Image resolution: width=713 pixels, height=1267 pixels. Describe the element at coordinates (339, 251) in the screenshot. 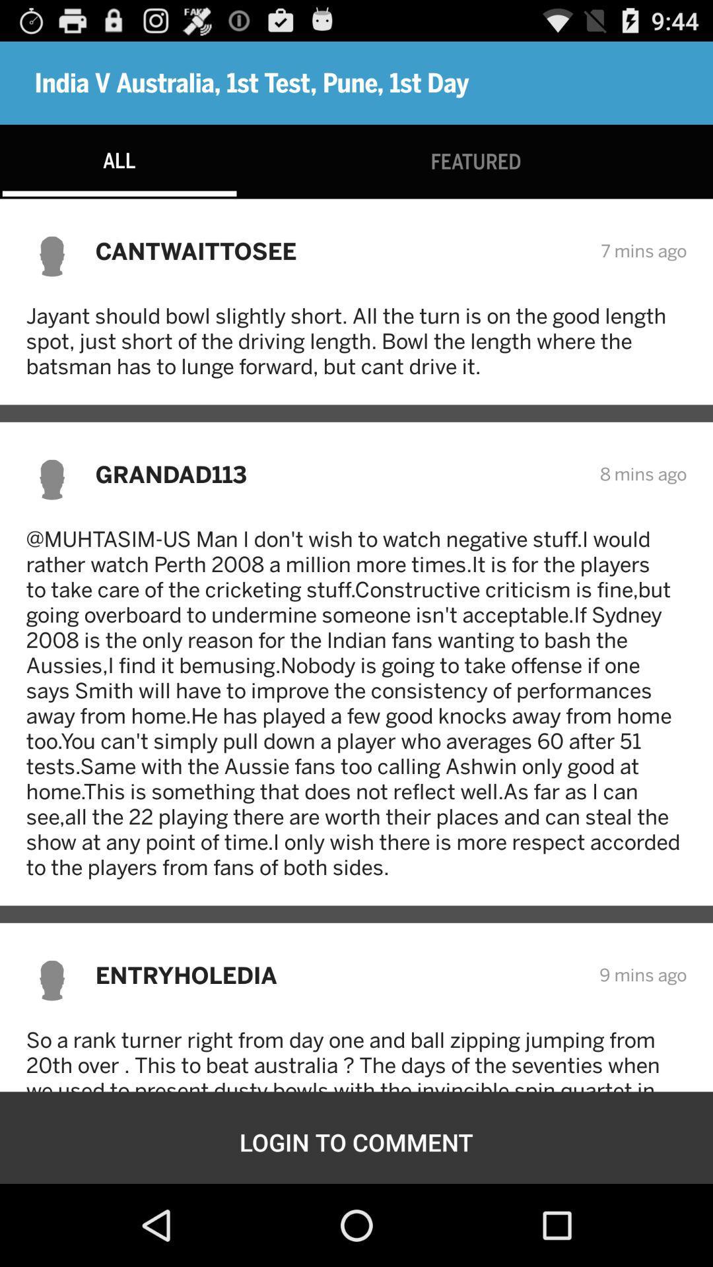

I see `the cantwaittosee item` at that location.